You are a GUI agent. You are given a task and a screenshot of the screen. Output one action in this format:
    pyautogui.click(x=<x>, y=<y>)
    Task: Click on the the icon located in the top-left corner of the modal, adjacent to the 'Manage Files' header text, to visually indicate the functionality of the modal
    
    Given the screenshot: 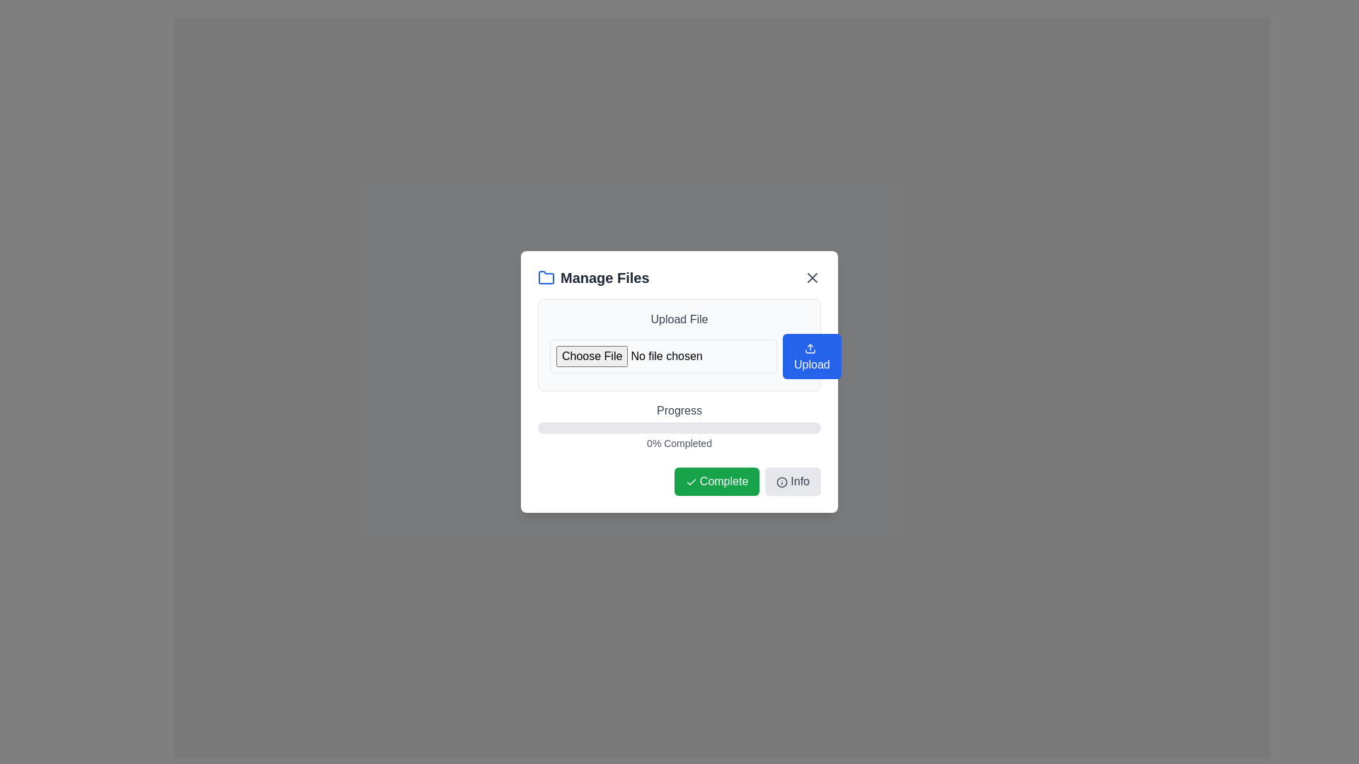 What is the action you would take?
    pyautogui.click(x=546, y=277)
    